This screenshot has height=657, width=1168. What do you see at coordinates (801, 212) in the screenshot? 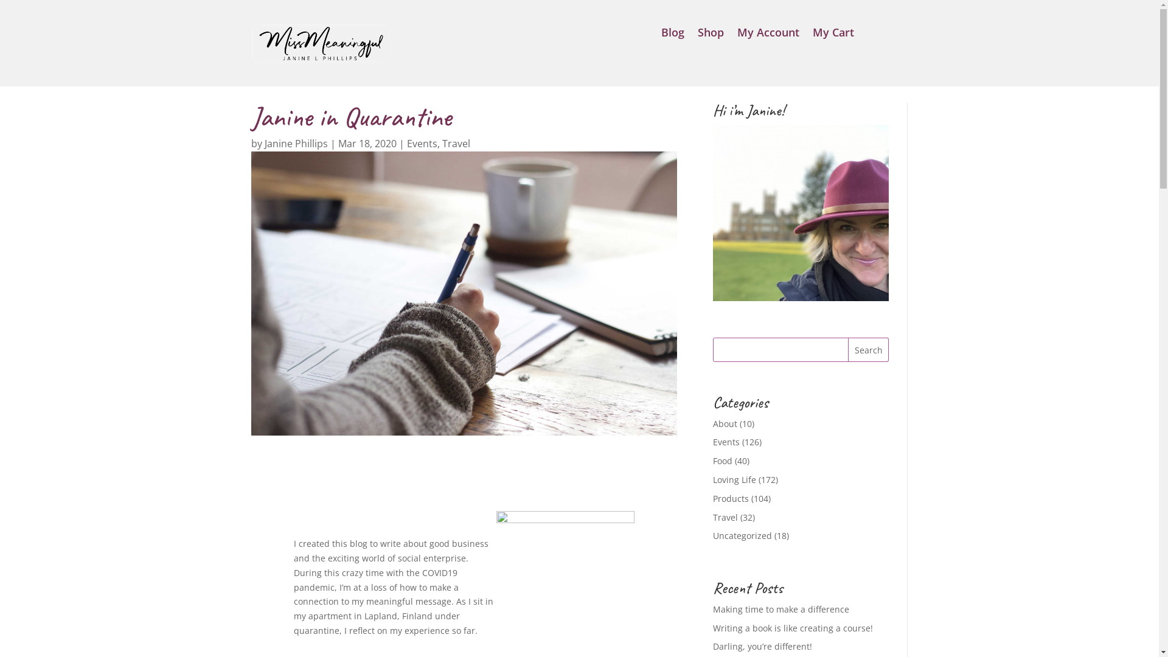
I see `'Hi i'm Janine!'` at bounding box center [801, 212].